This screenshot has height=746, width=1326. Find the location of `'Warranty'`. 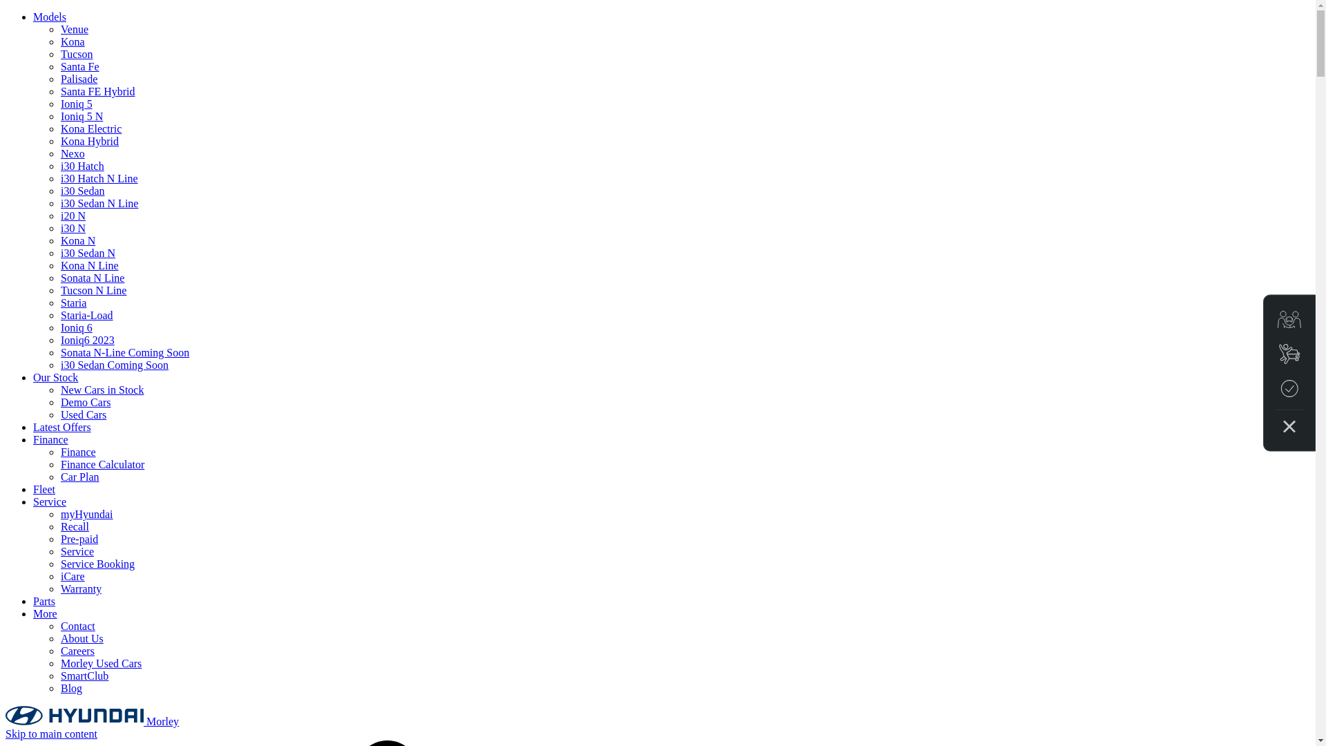

'Warranty' is located at coordinates (59, 589).